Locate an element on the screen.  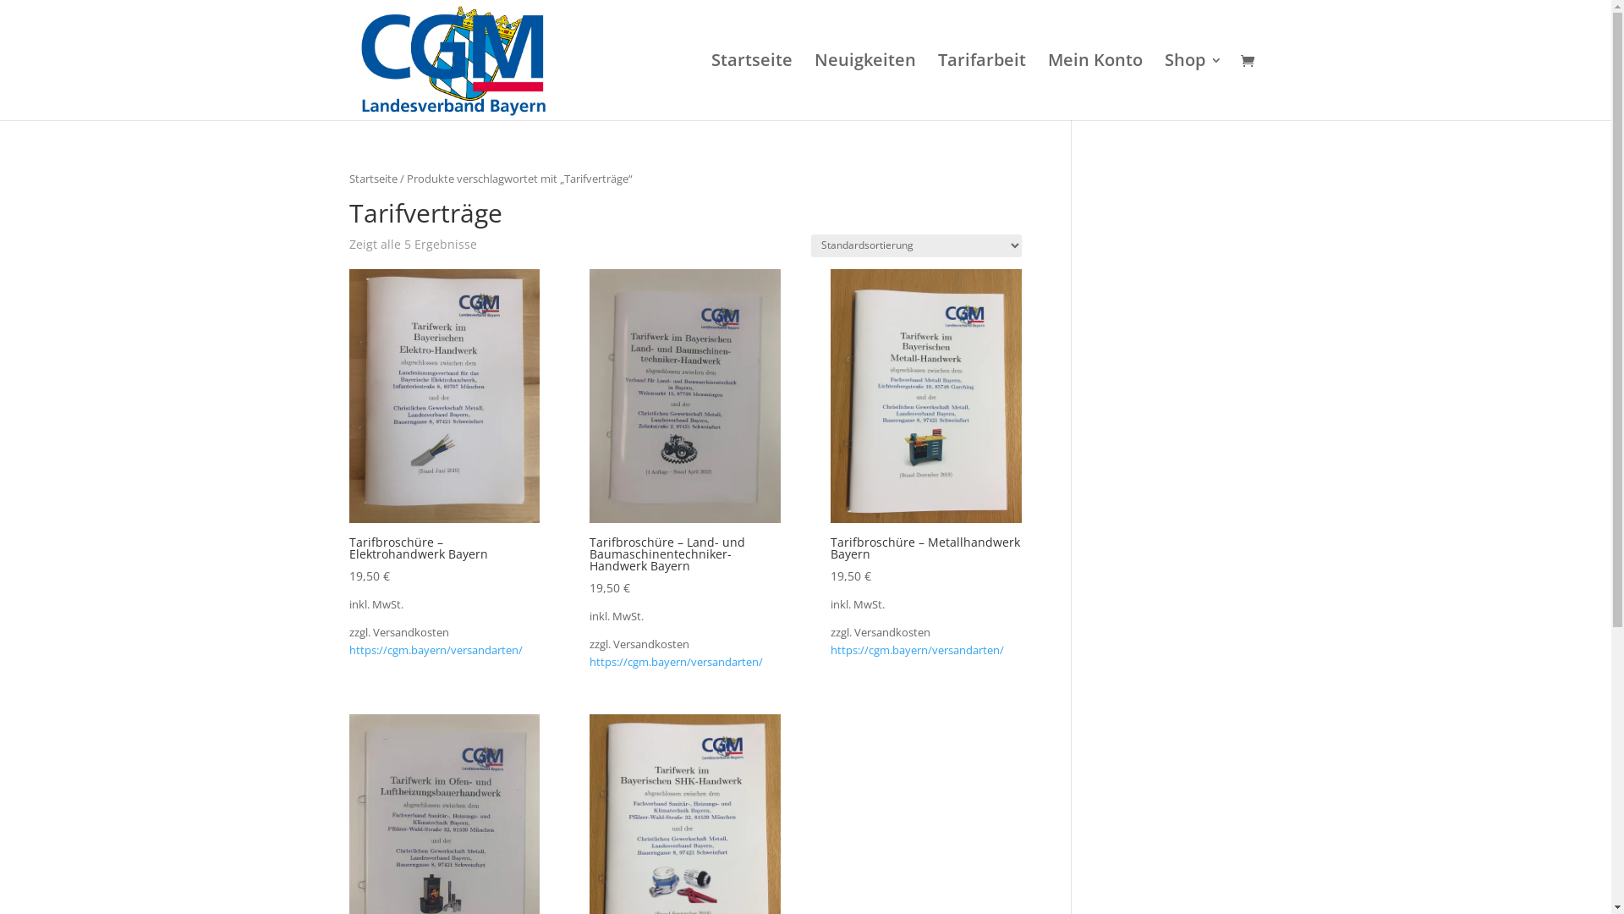
'Tarifarbeit' is located at coordinates (981, 87).